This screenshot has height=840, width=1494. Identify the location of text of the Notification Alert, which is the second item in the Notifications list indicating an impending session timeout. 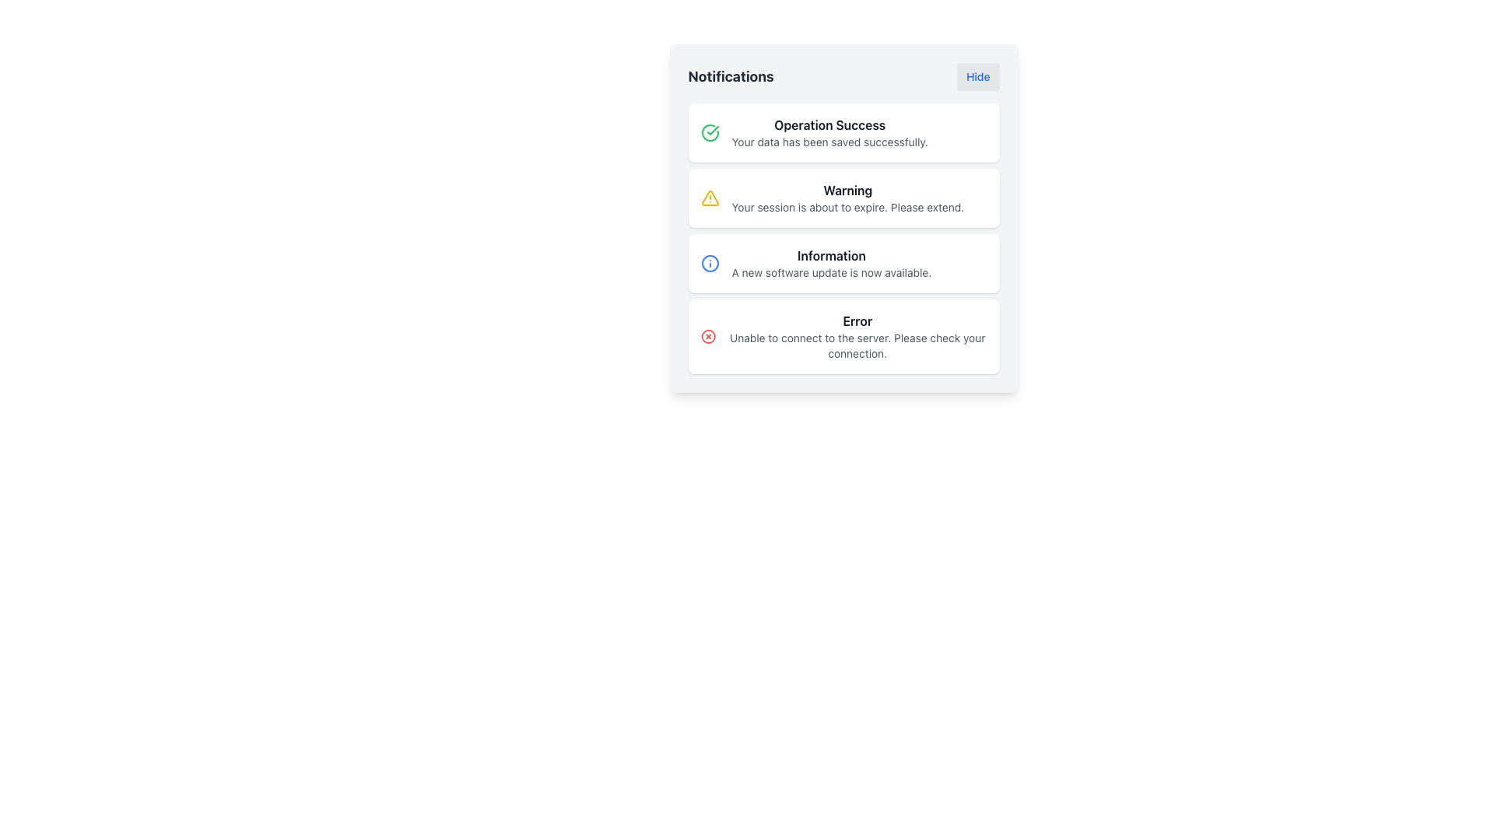
(843, 197).